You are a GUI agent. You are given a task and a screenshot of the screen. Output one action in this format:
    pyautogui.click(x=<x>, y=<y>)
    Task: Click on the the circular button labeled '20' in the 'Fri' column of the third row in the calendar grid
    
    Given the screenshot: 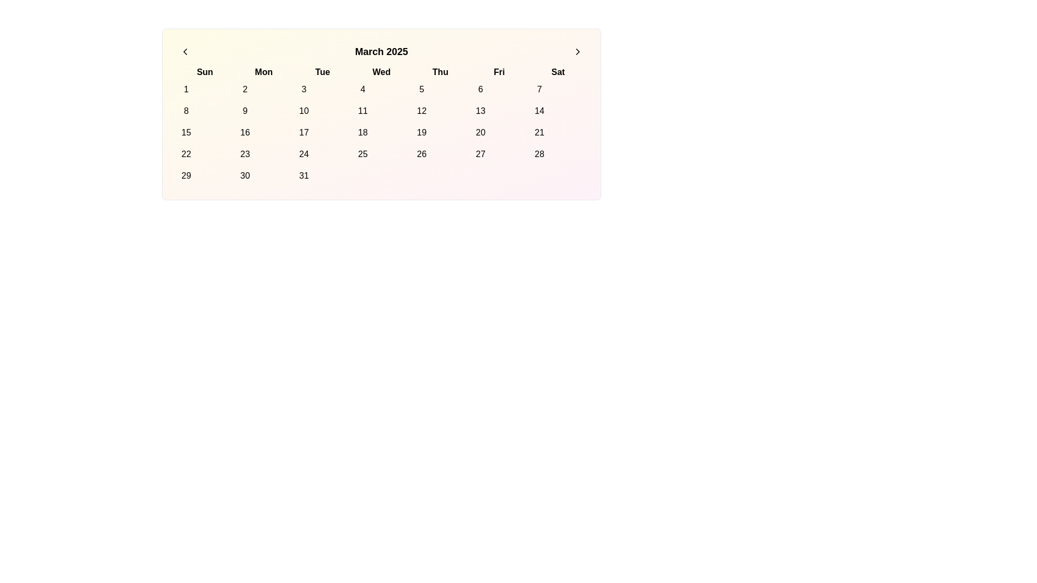 What is the action you would take?
    pyautogui.click(x=480, y=132)
    